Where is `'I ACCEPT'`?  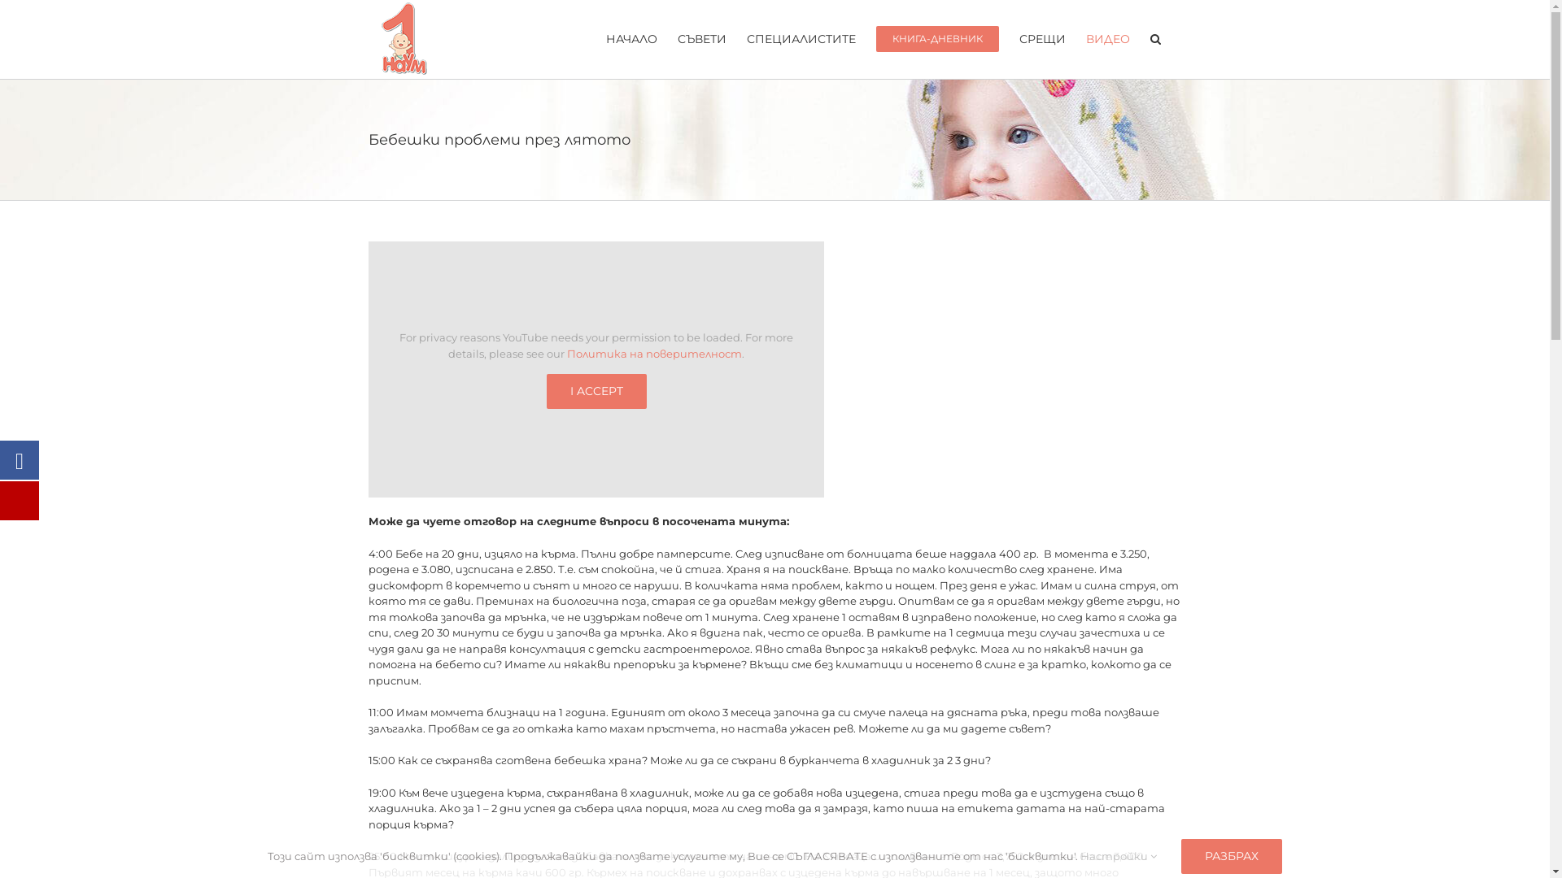
'I ACCEPT' is located at coordinates (596, 391).